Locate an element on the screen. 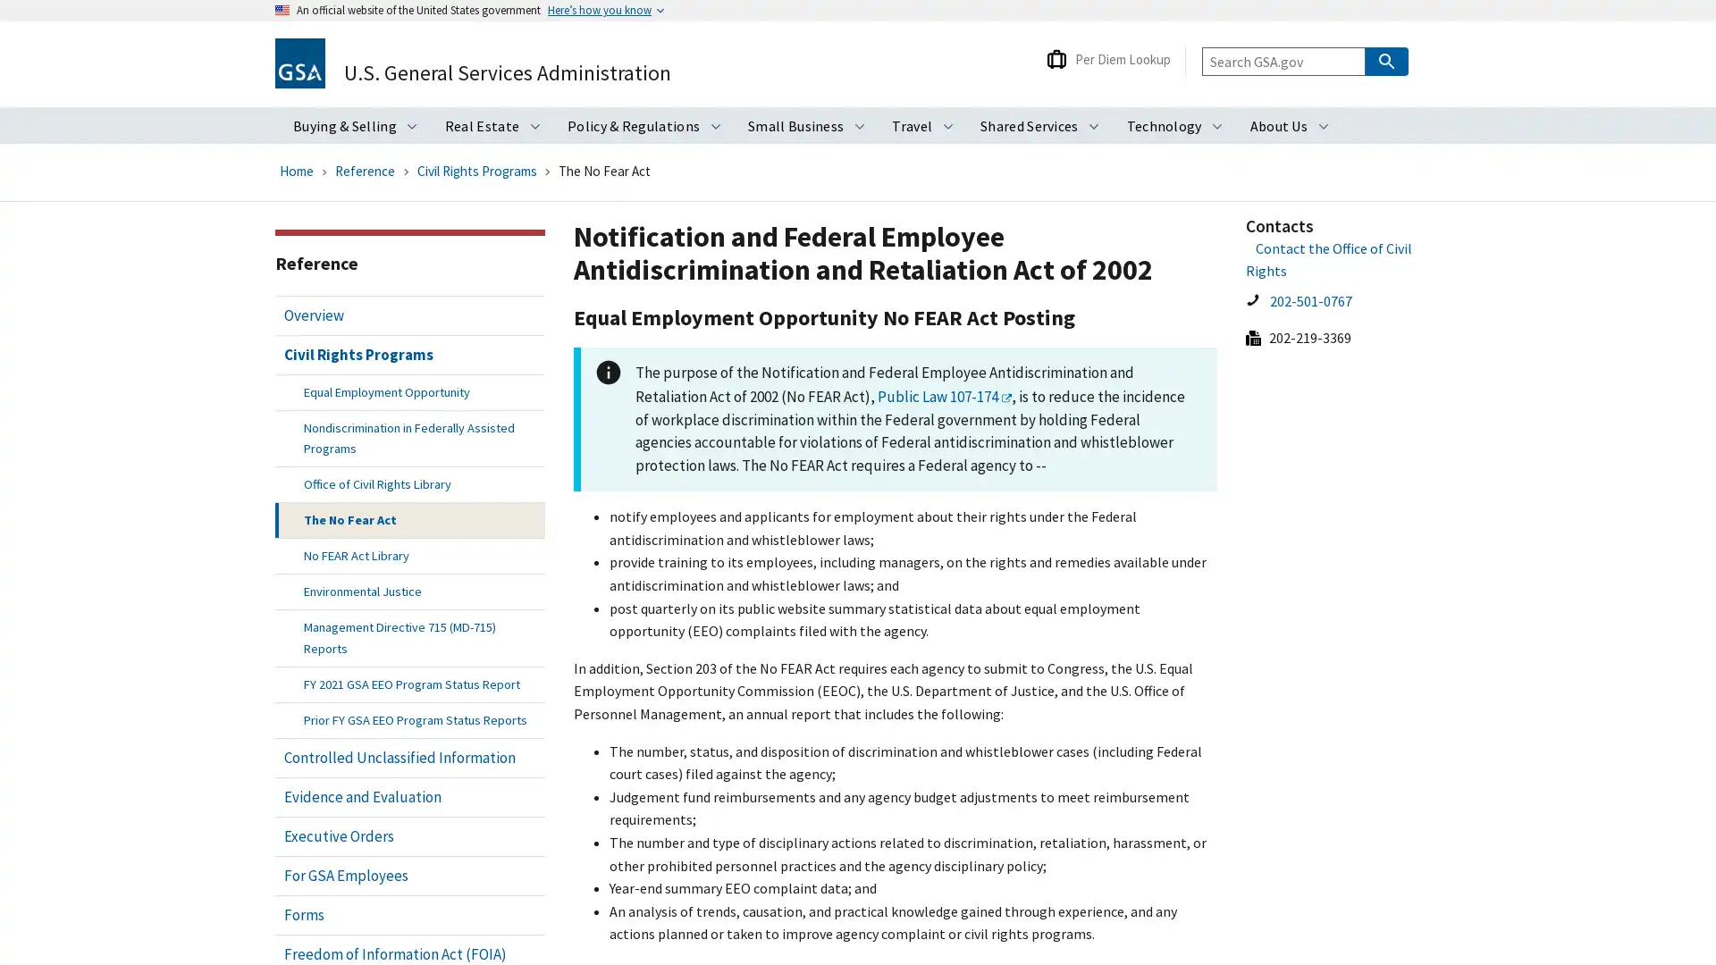 This screenshot has width=1716, height=965. Search is located at coordinates (1385, 61).